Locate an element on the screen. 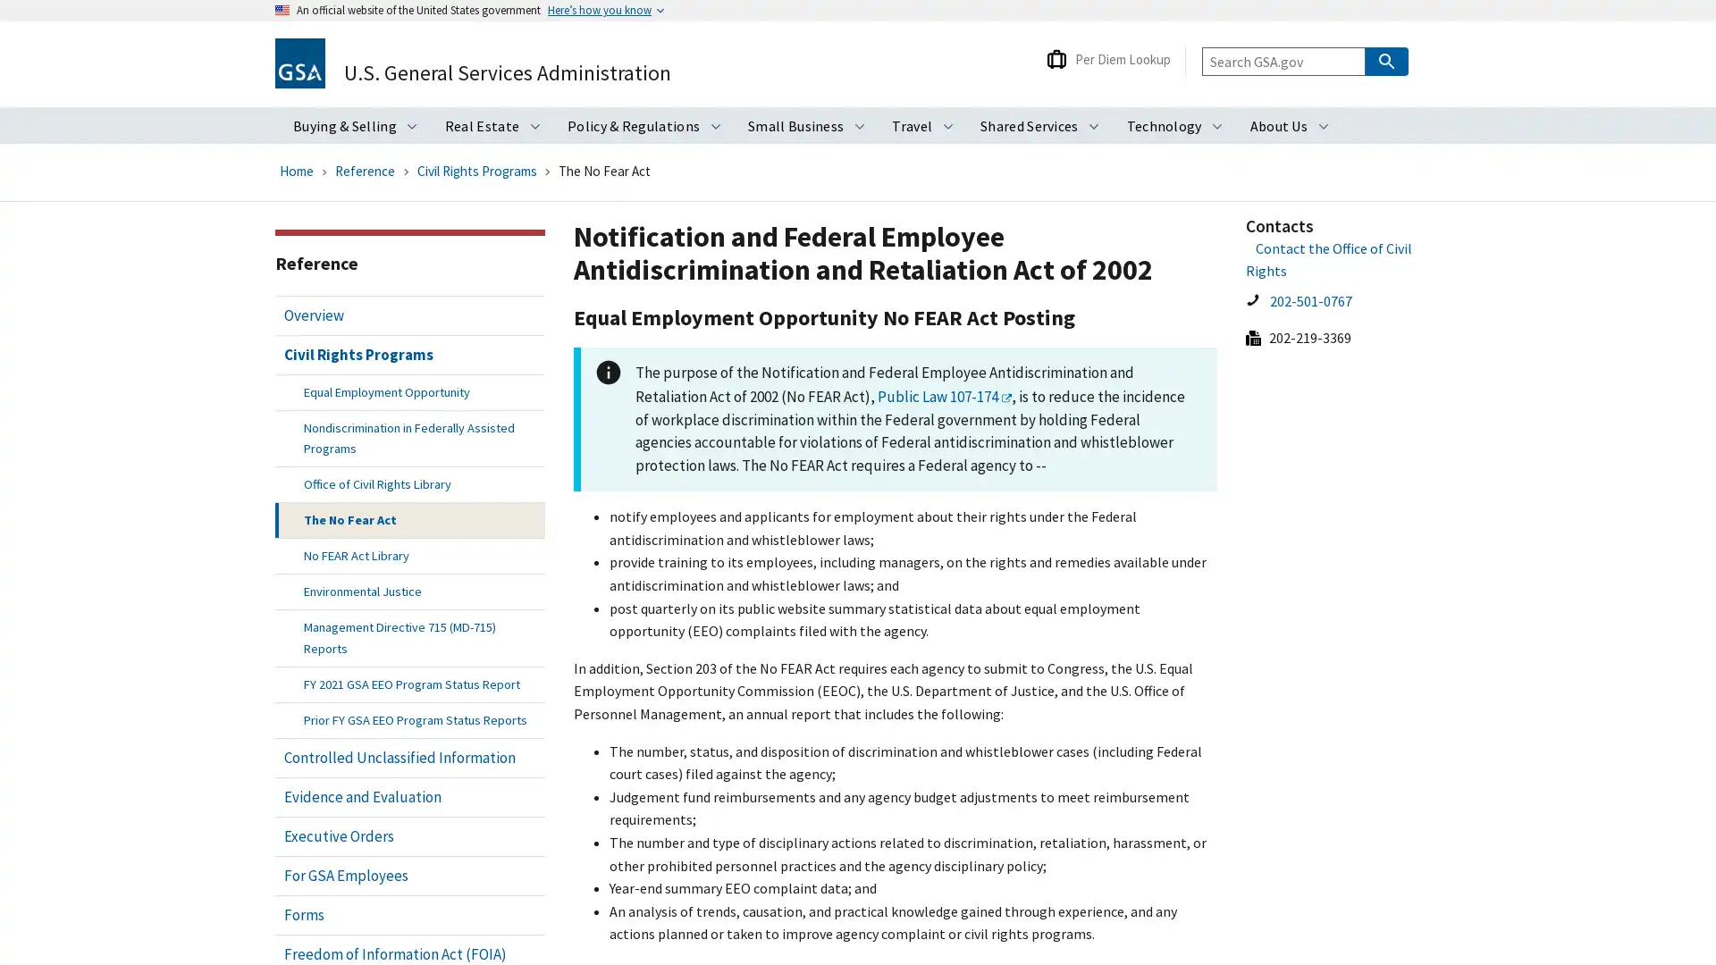 This screenshot has width=1716, height=965. Search is located at coordinates (1385, 61).